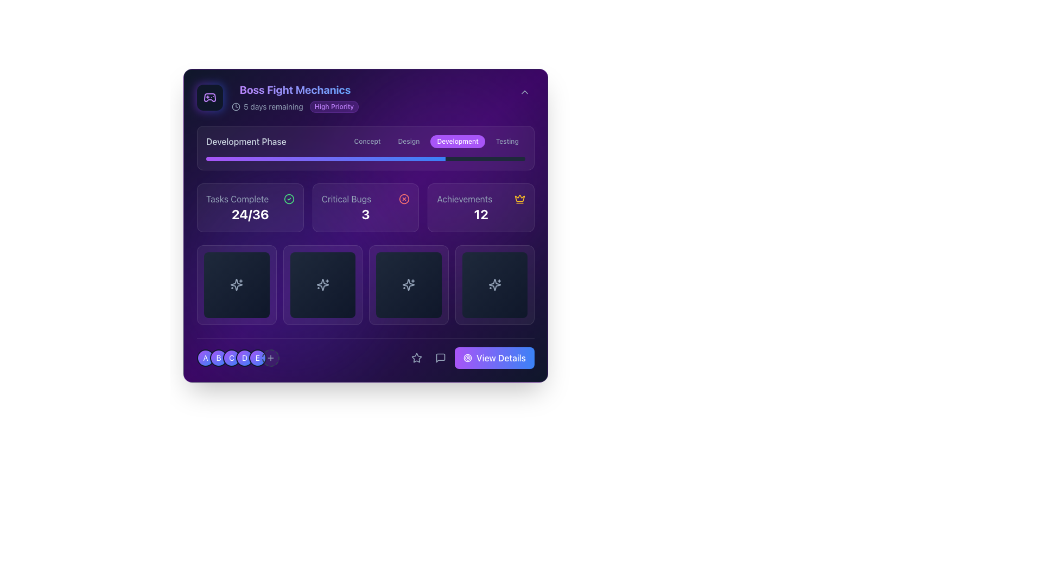  What do you see at coordinates (236, 284) in the screenshot?
I see `the decorative sparkle icon located in the second row of the grid layout as the second element from the left` at bounding box center [236, 284].